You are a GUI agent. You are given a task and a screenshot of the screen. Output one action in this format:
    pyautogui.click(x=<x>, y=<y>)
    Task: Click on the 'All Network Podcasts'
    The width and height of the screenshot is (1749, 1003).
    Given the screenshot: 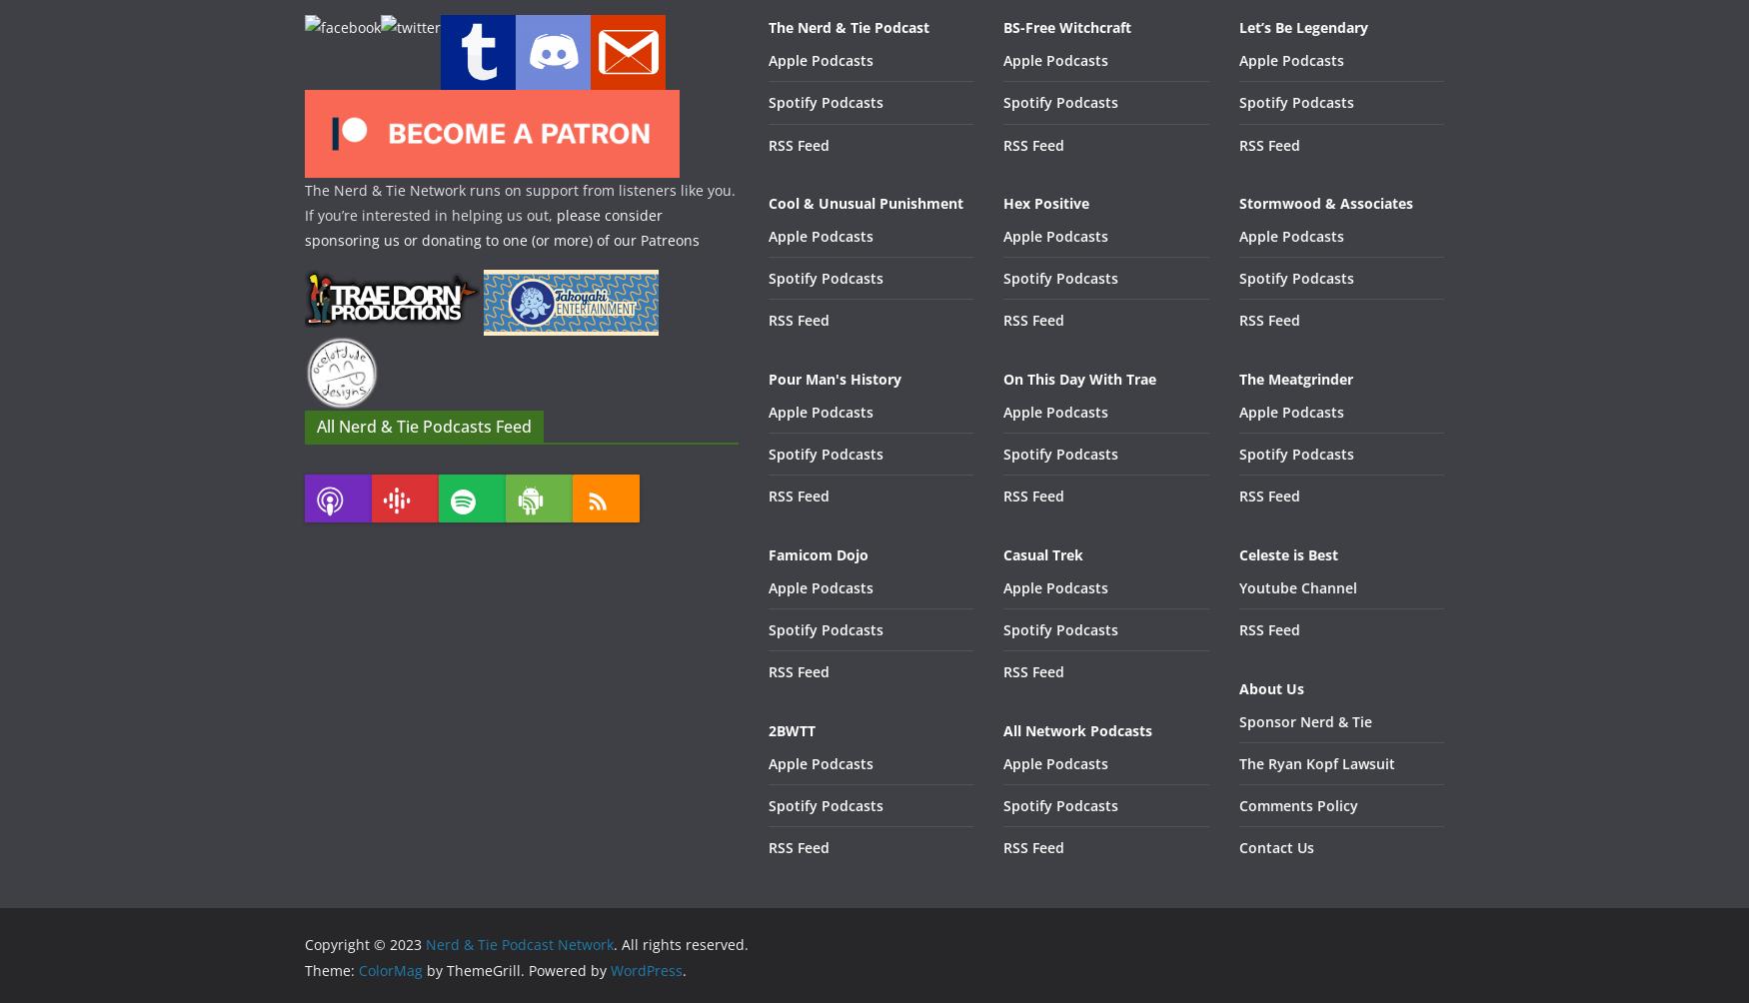 What is the action you would take?
    pyautogui.click(x=1077, y=728)
    